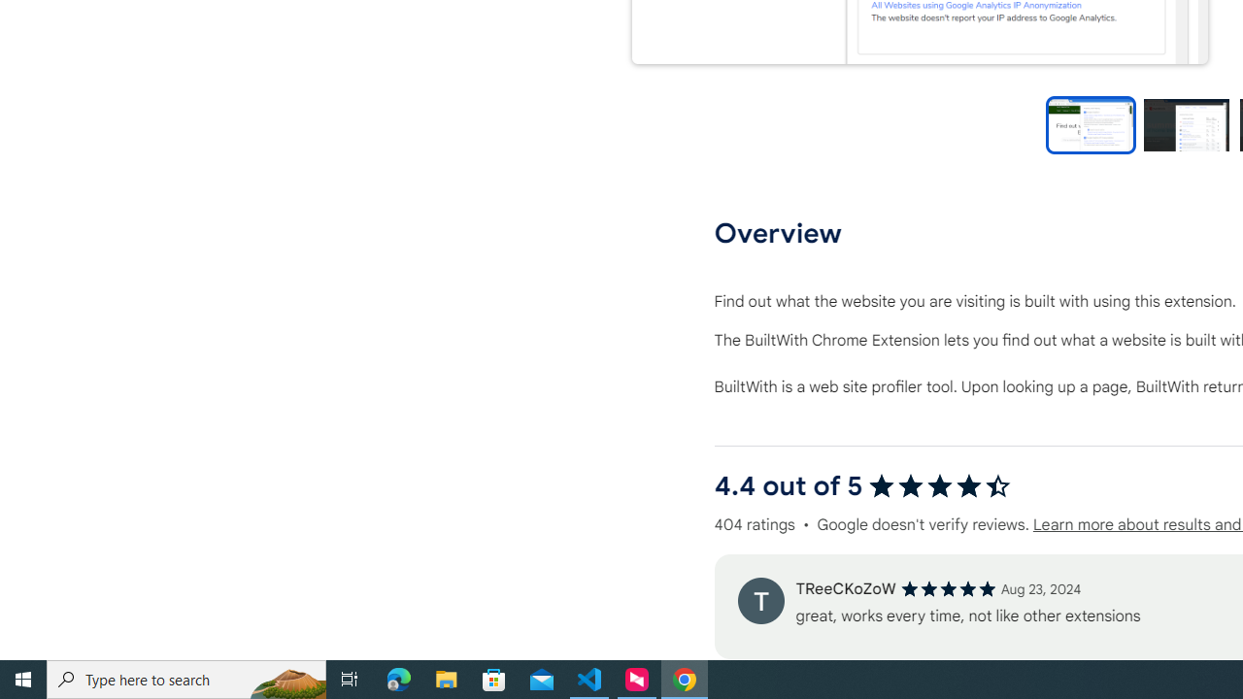 The height and width of the screenshot is (699, 1243). What do you see at coordinates (1185, 124) in the screenshot?
I see `'Preview slide 2'` at bounding box center [1185, 124].